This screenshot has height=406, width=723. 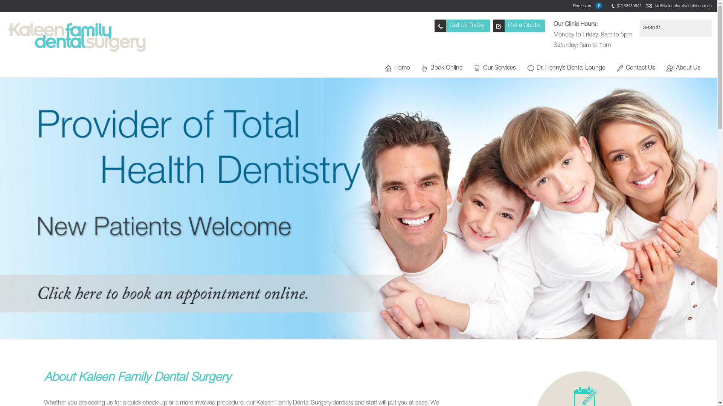 I want to click on 'Call Us Today', so click(x=462, y=26).